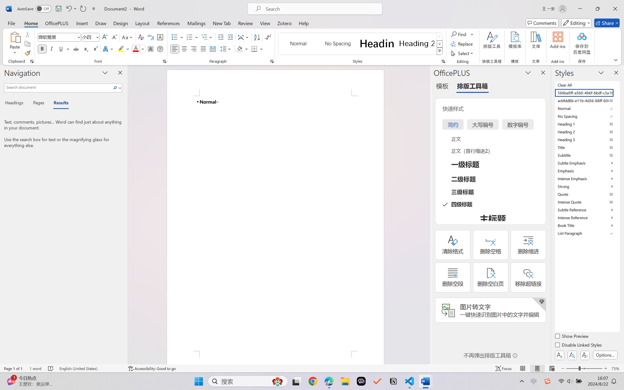 Image resolution: width=624 pixels, height=390 pixels. I want to click on 'Intense Quote', so click(587, 202).